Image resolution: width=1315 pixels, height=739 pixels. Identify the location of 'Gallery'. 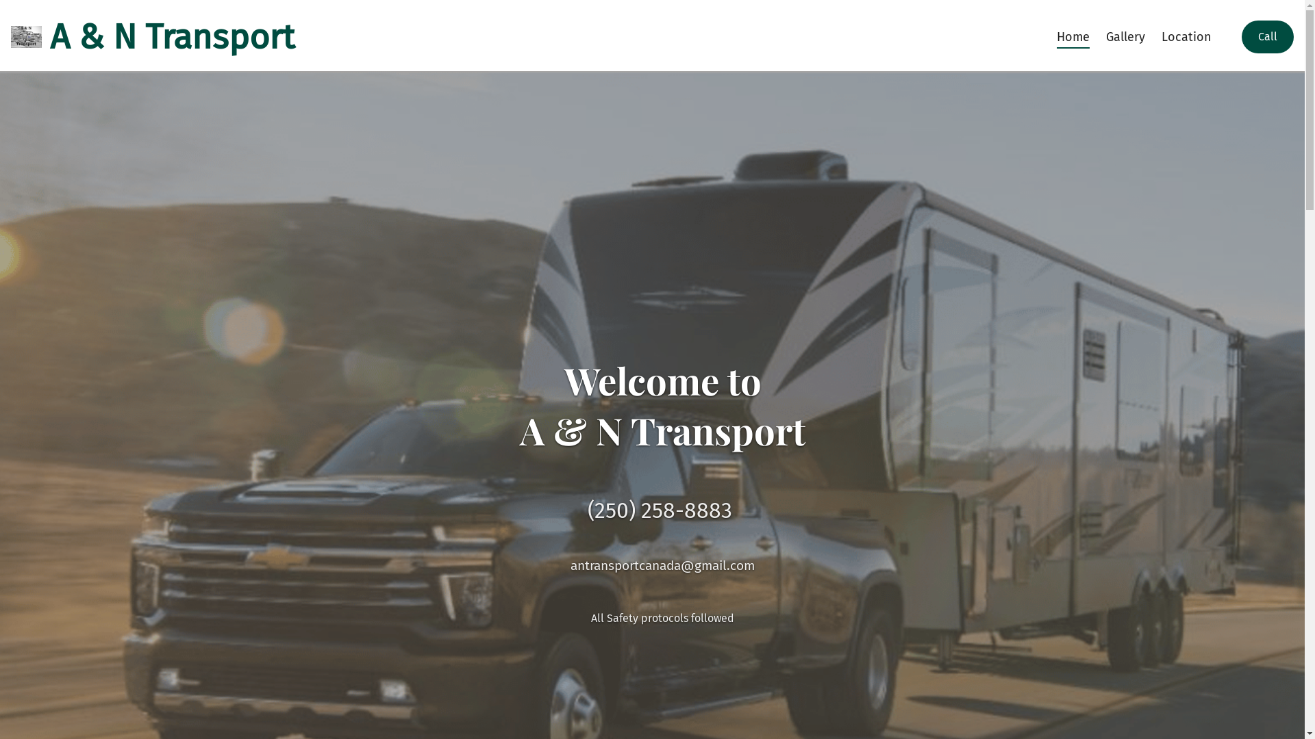
(1125, 36).